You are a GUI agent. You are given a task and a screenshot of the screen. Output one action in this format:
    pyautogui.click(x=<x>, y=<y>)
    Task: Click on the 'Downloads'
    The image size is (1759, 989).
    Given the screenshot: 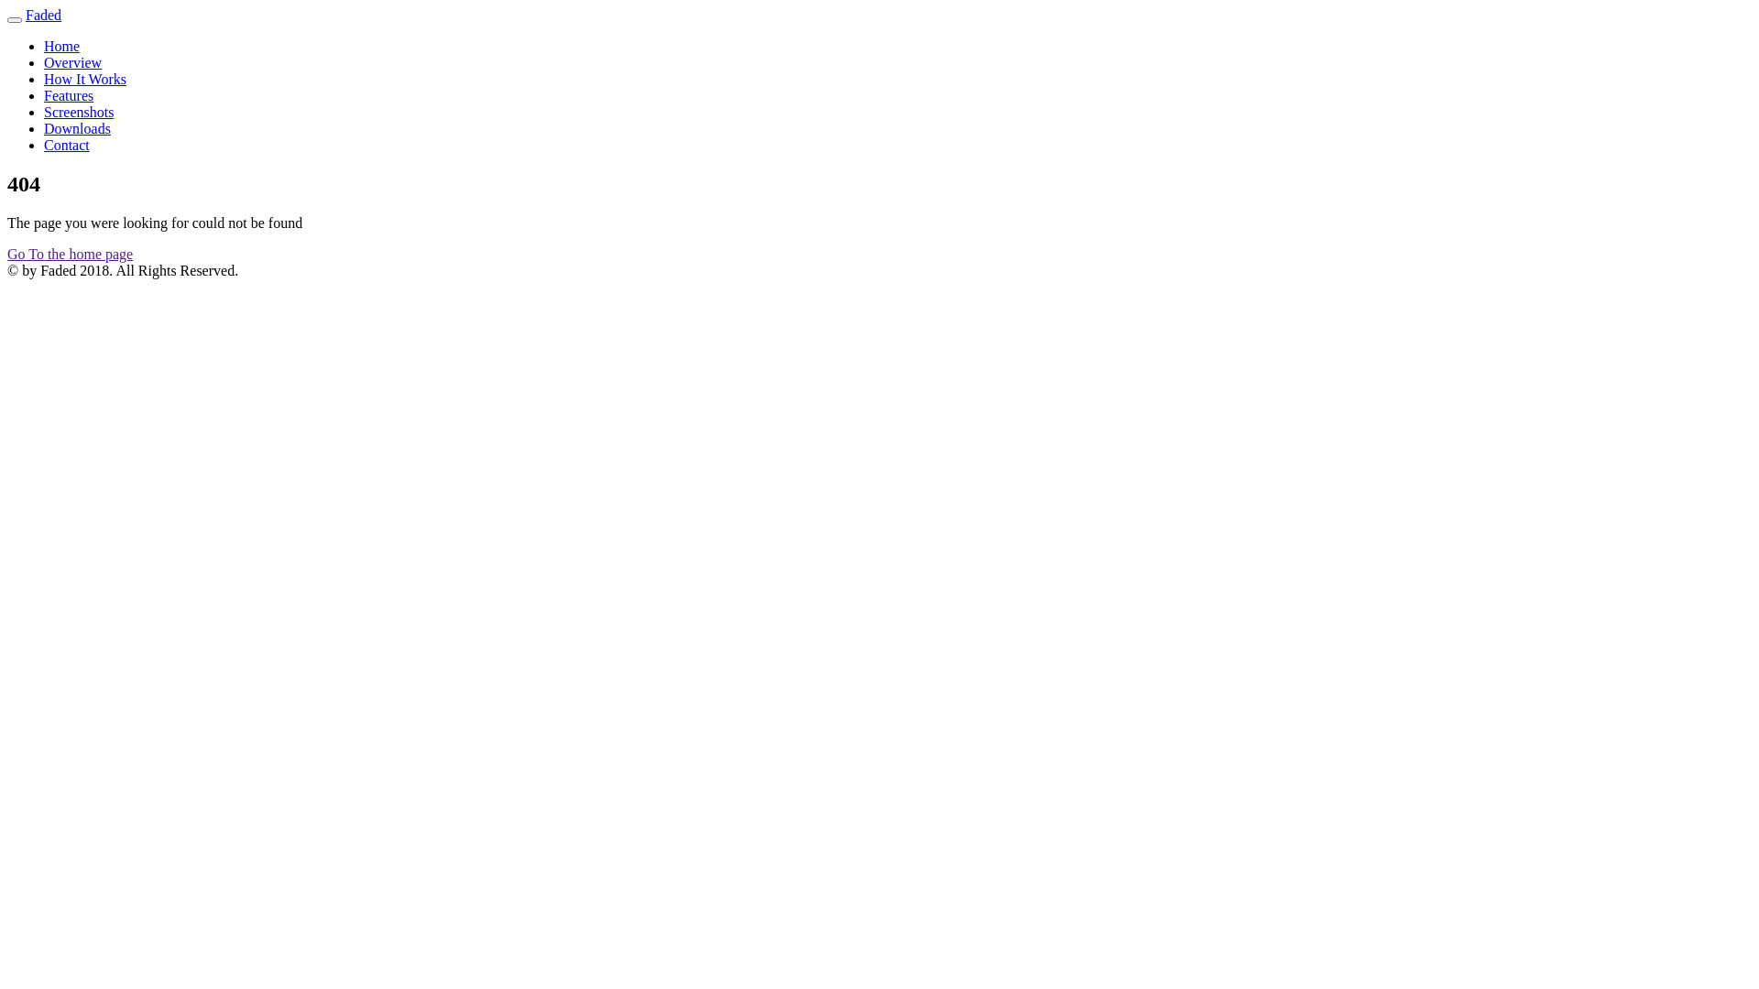 What is the action you would take?
    pyautogui.click(x=76, y=127)
    